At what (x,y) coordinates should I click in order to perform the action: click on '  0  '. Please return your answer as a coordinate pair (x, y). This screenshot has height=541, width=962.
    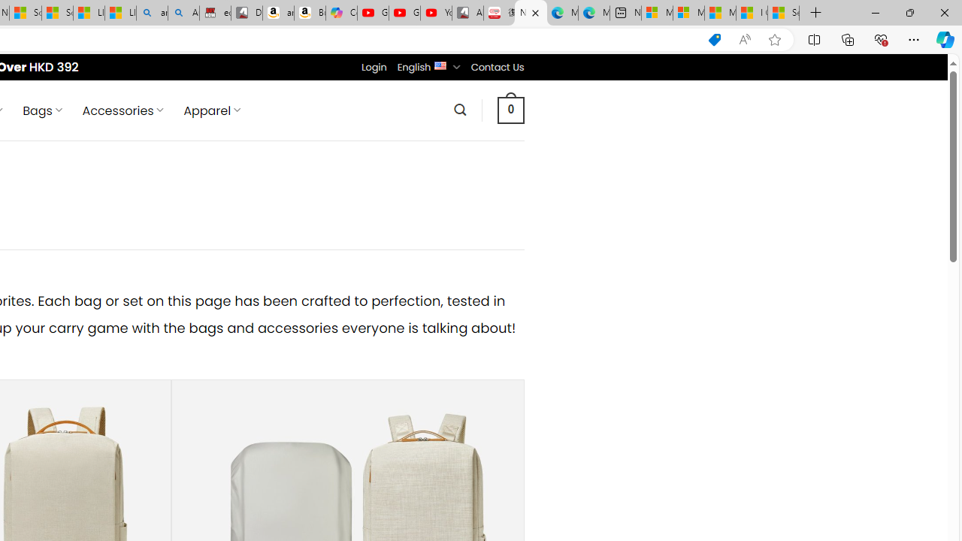
    Looking at the image, I should click on (510, 109).